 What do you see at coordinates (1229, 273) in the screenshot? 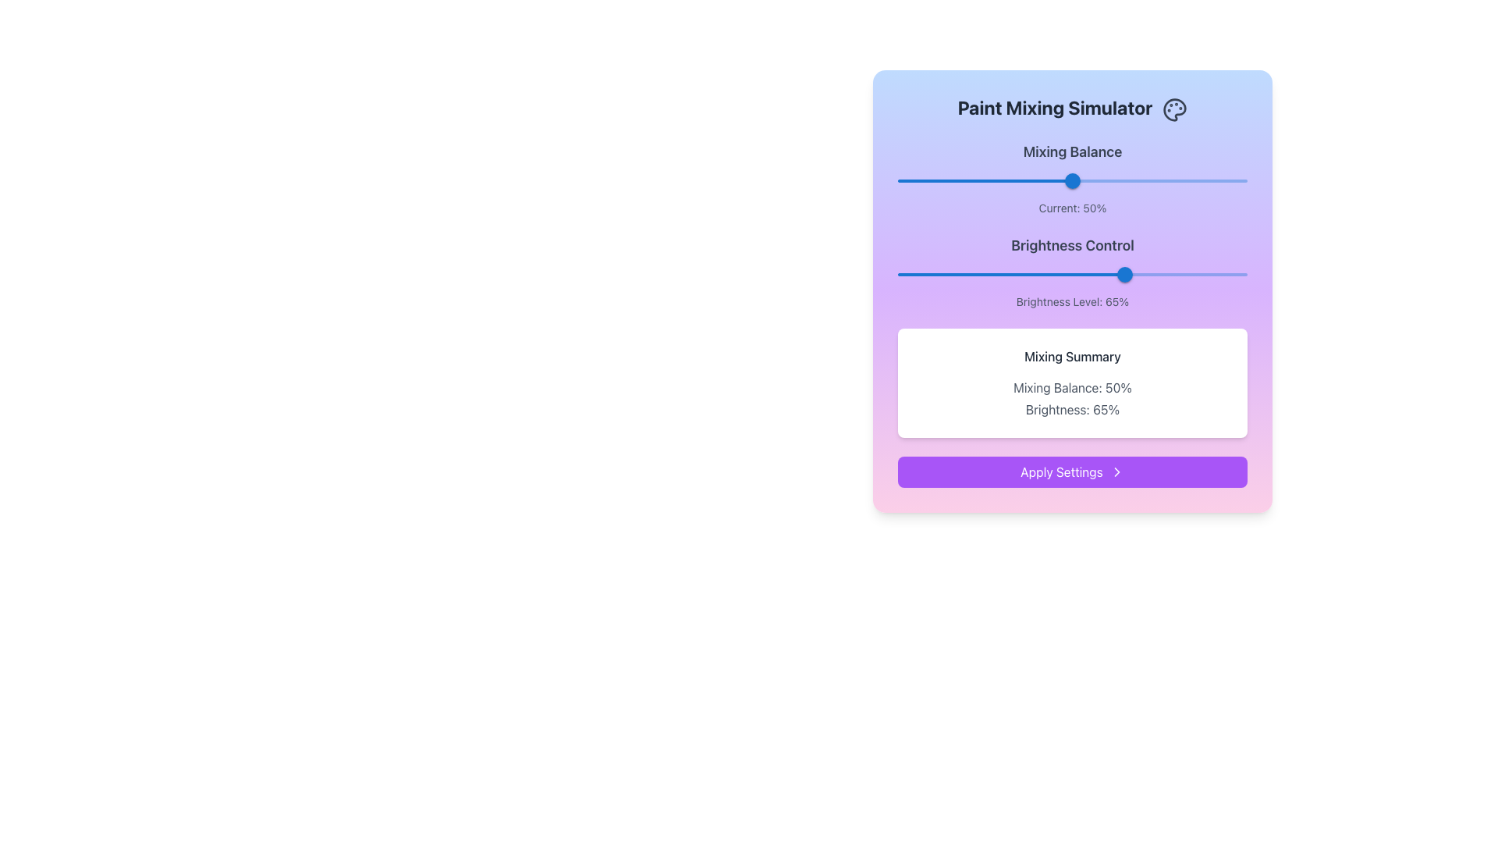
I see `brightness level` at bounding box center [1229, 273].